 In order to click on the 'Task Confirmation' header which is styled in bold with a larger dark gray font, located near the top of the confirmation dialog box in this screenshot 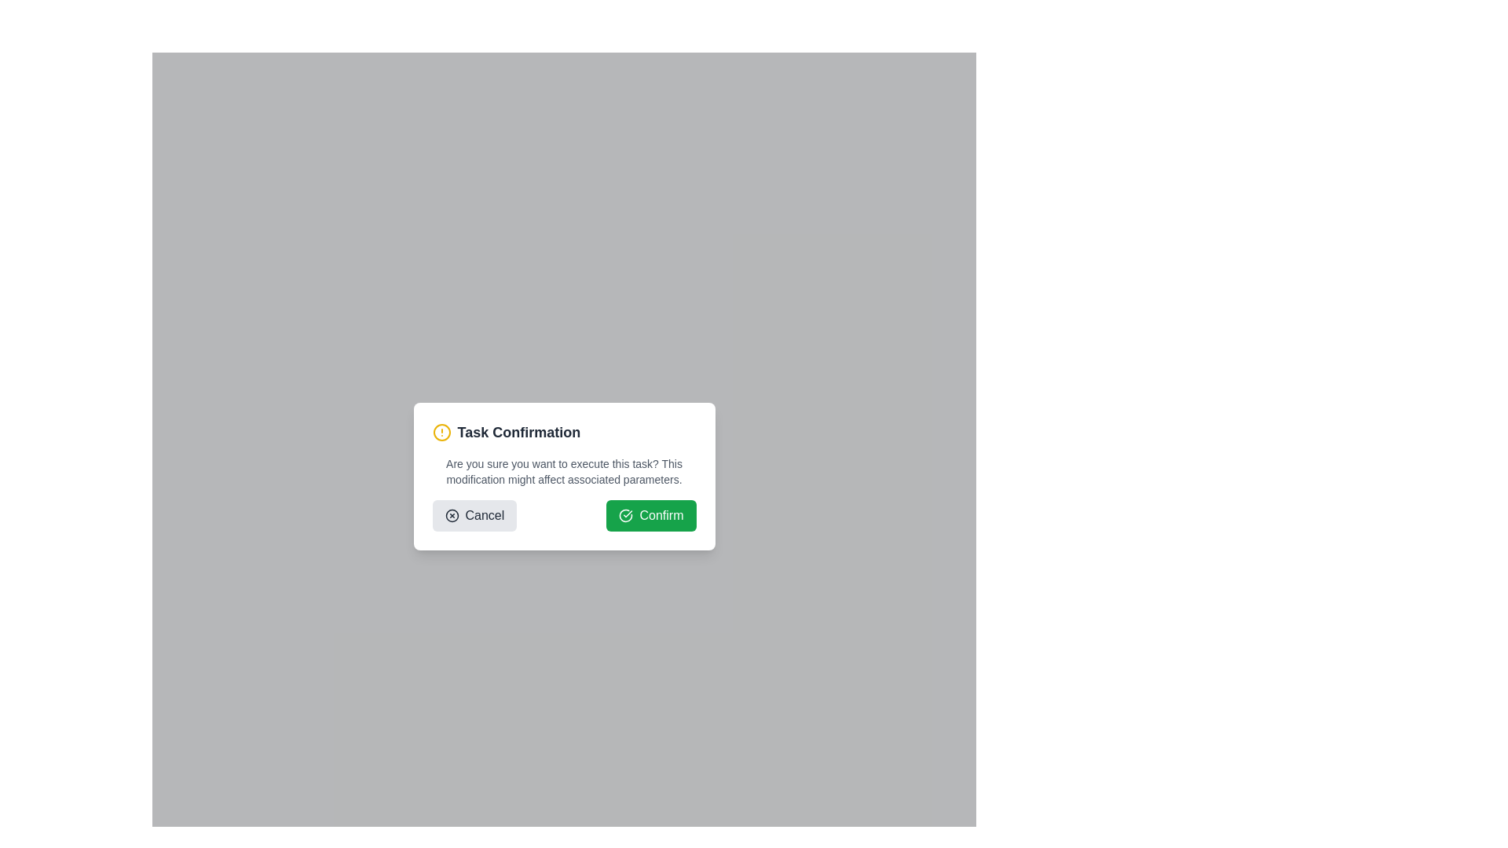, I will do `click(518, 433)`.